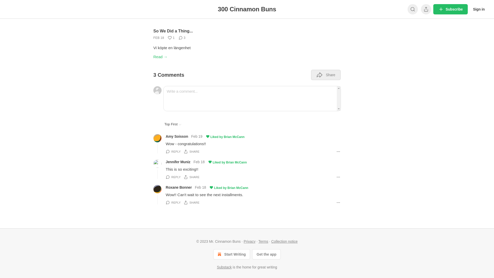  Describe the element at coordinates (263, 241) in the screenshot. I see `'Terms'` at that location.